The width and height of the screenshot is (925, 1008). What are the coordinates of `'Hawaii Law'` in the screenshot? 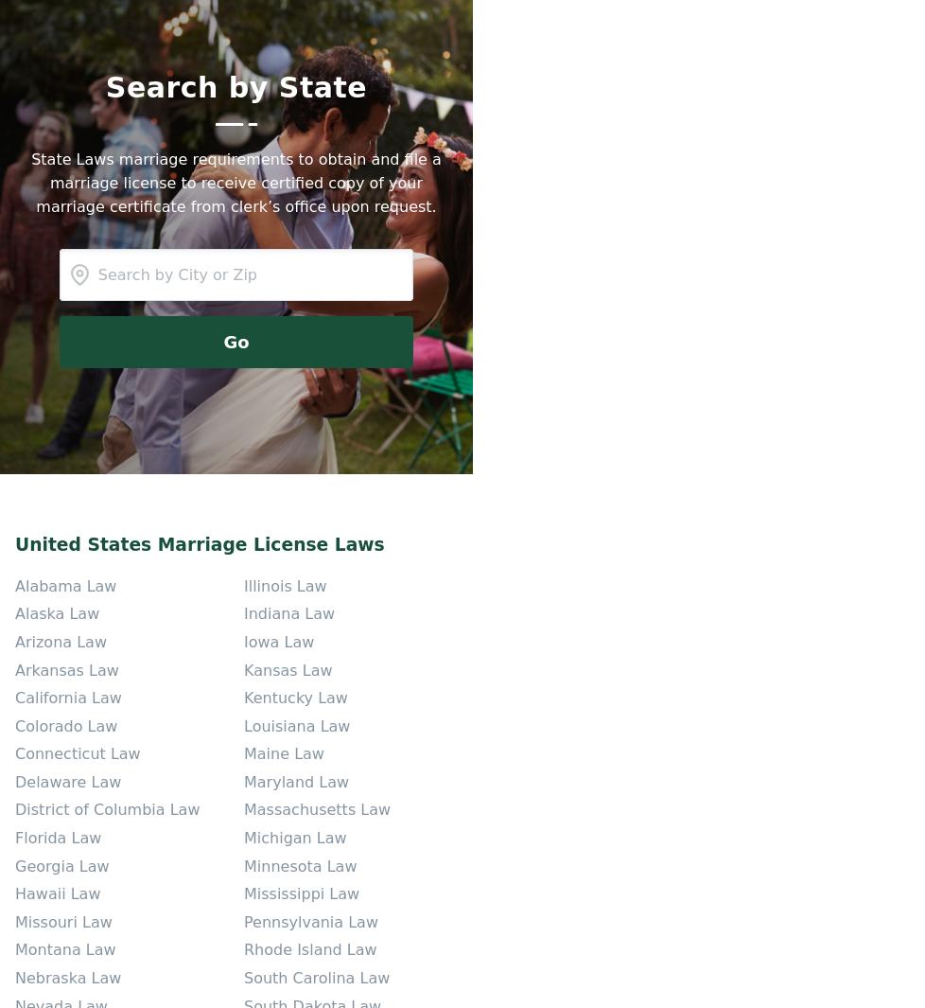 It's located at (58, 893).